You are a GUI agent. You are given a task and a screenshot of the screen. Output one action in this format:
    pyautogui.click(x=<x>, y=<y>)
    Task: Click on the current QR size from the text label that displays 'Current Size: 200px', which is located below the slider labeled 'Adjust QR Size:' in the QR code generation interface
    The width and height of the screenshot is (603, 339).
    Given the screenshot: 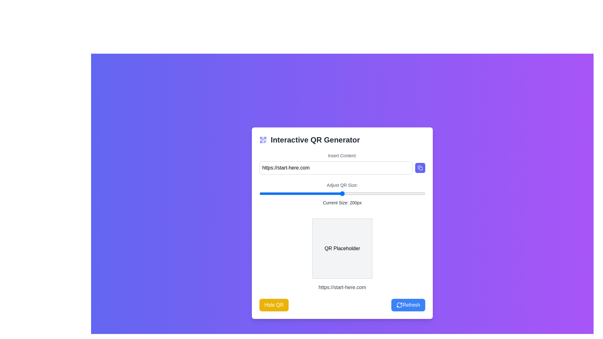 What is the action you would take?
    pyautogui.click(x=342, y=202)
    